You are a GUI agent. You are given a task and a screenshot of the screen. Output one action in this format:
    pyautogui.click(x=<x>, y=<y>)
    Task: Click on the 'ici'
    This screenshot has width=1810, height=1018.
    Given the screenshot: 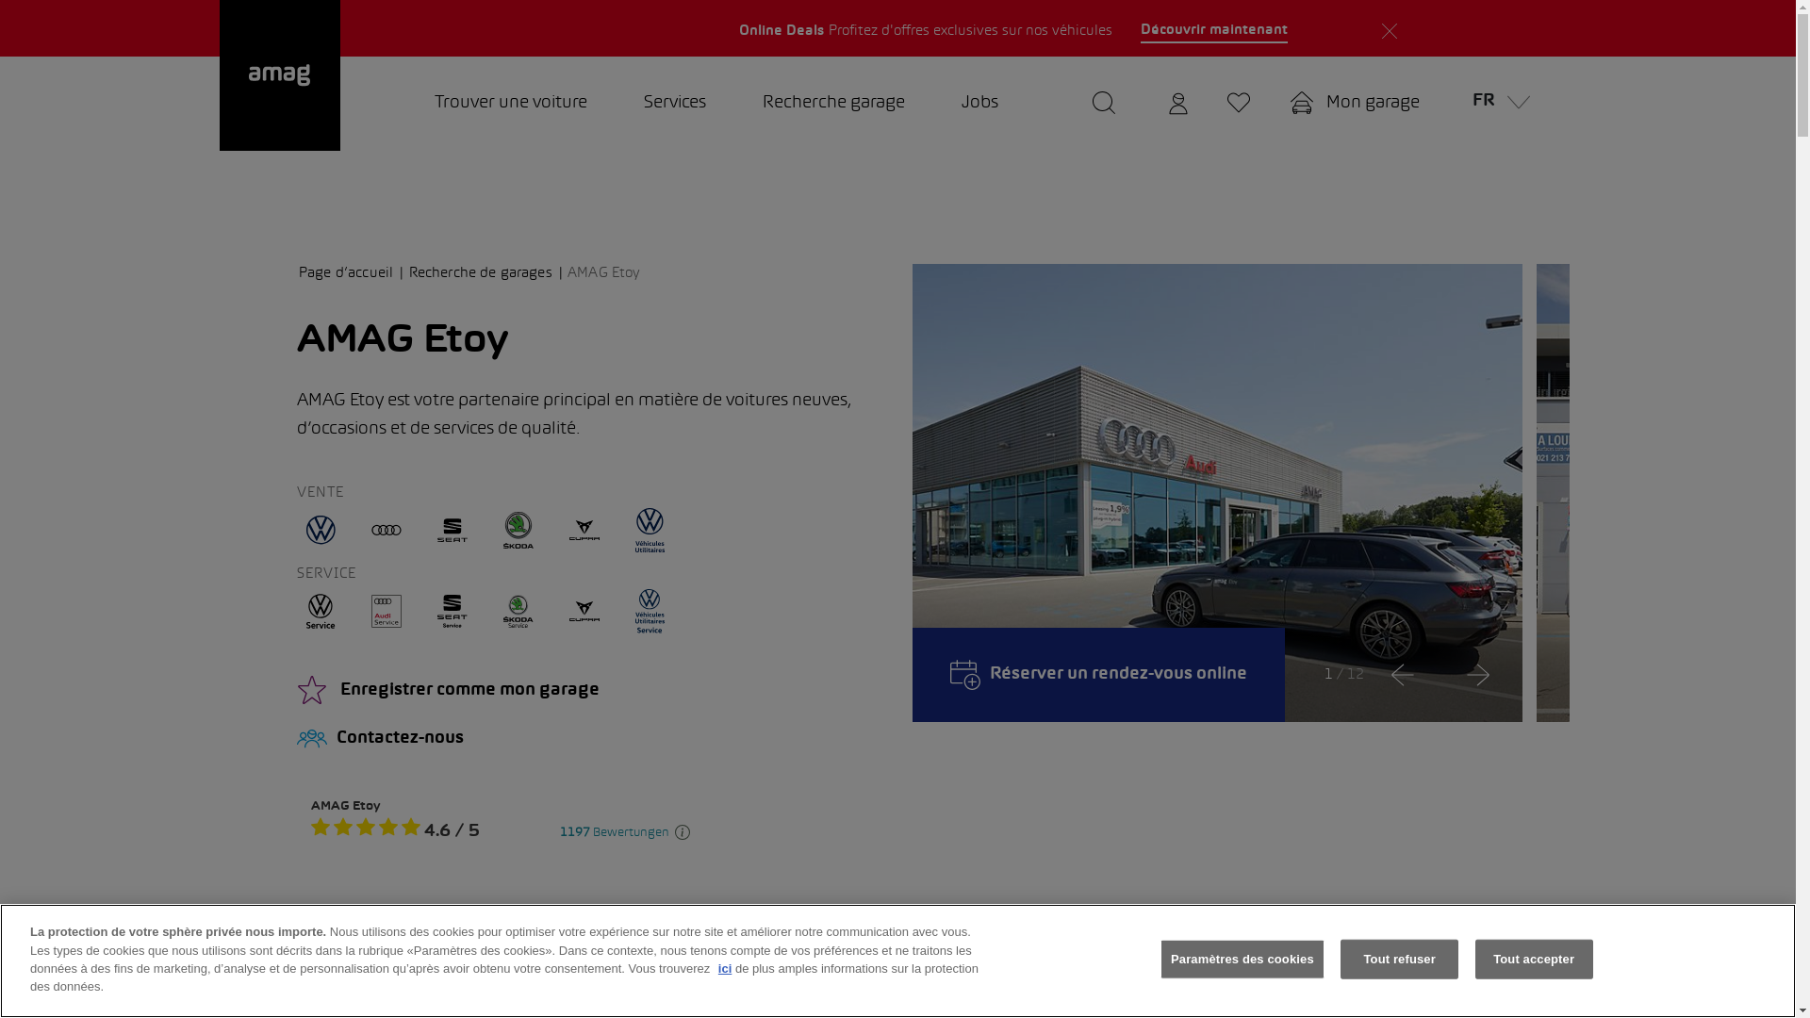 What is the action you would take?
    pyautogui.click(x=723, y=968)
    